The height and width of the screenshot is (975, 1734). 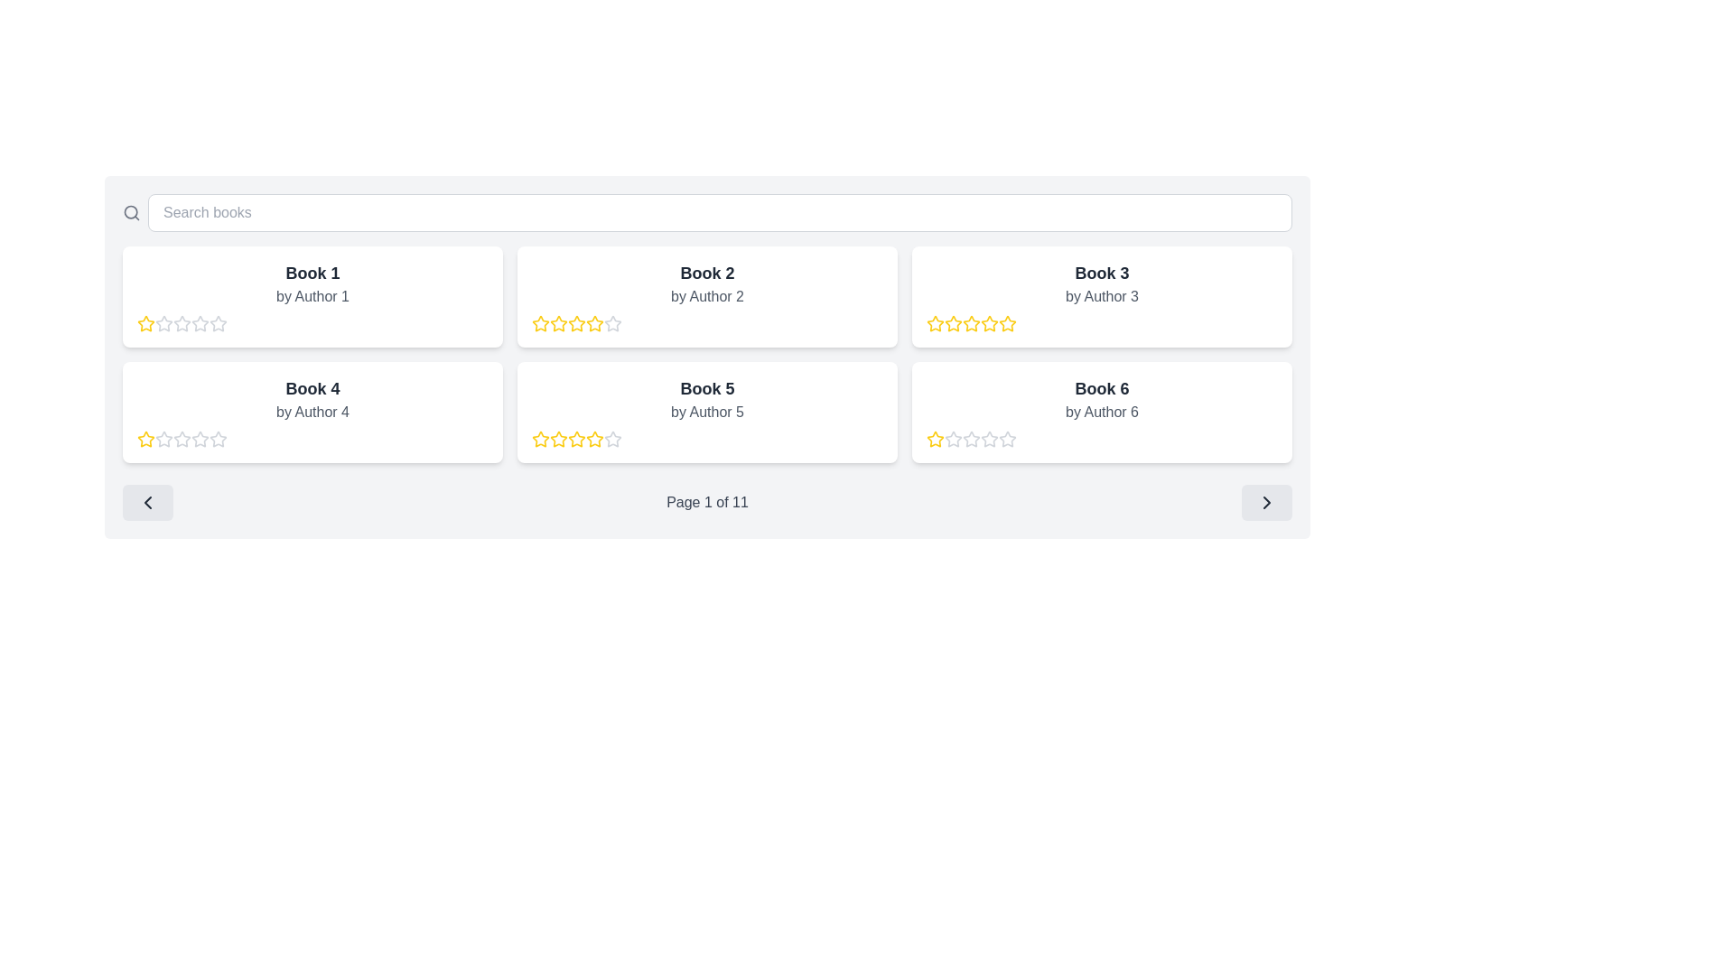 I want to click on the fourth star-shaped rating icon with a yellow outline and white fill located under the 'Book 2' section in the book grid, so click(x=575, y=322).